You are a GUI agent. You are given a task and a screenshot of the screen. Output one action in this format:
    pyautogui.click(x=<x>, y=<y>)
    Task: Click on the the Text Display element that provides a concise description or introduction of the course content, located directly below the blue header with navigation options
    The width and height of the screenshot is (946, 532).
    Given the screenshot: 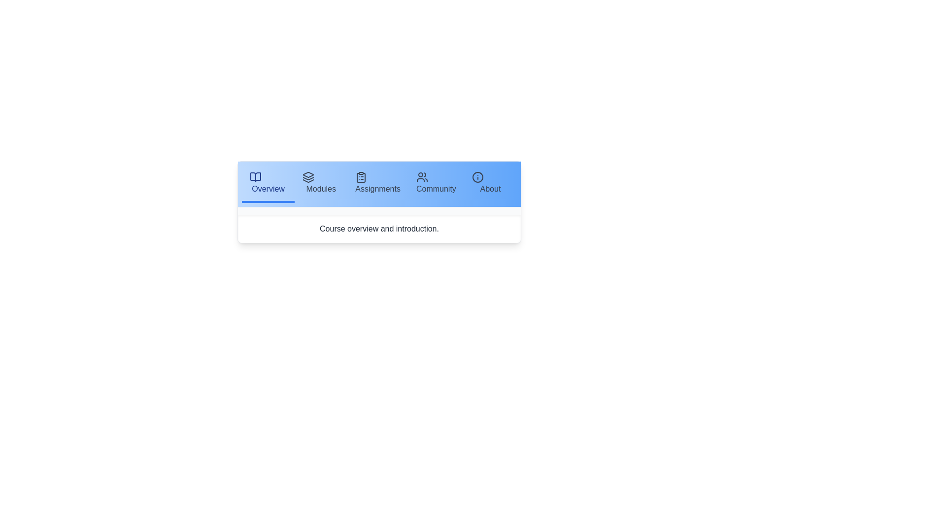 What is the action you would take?
    pyautogui.click(x=378, y=229)
    